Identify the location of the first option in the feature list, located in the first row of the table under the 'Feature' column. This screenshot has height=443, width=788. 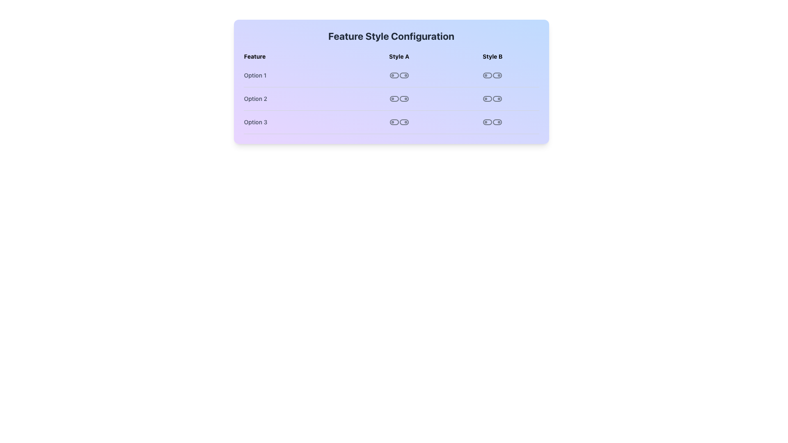
(391, 75).